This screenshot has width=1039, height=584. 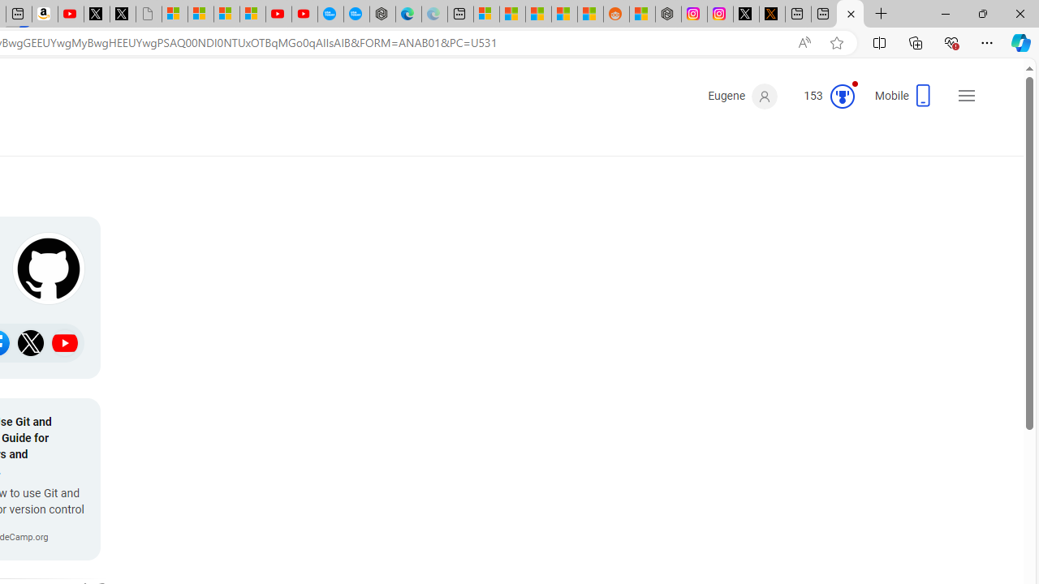 I want to click on 'Mobile', so click(x=903, y=101).